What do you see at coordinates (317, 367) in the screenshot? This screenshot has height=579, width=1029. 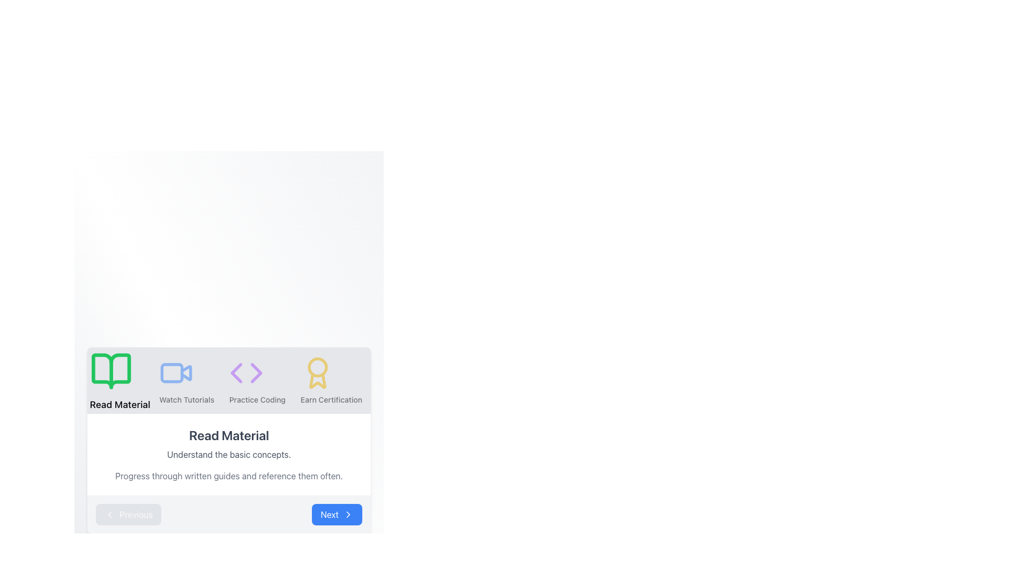 I see `the central circle of the award icon, which is located to the far right in the horizontal navigation row, adjacent to the 'Earn Certification' label` at bounding box center [317, 367].